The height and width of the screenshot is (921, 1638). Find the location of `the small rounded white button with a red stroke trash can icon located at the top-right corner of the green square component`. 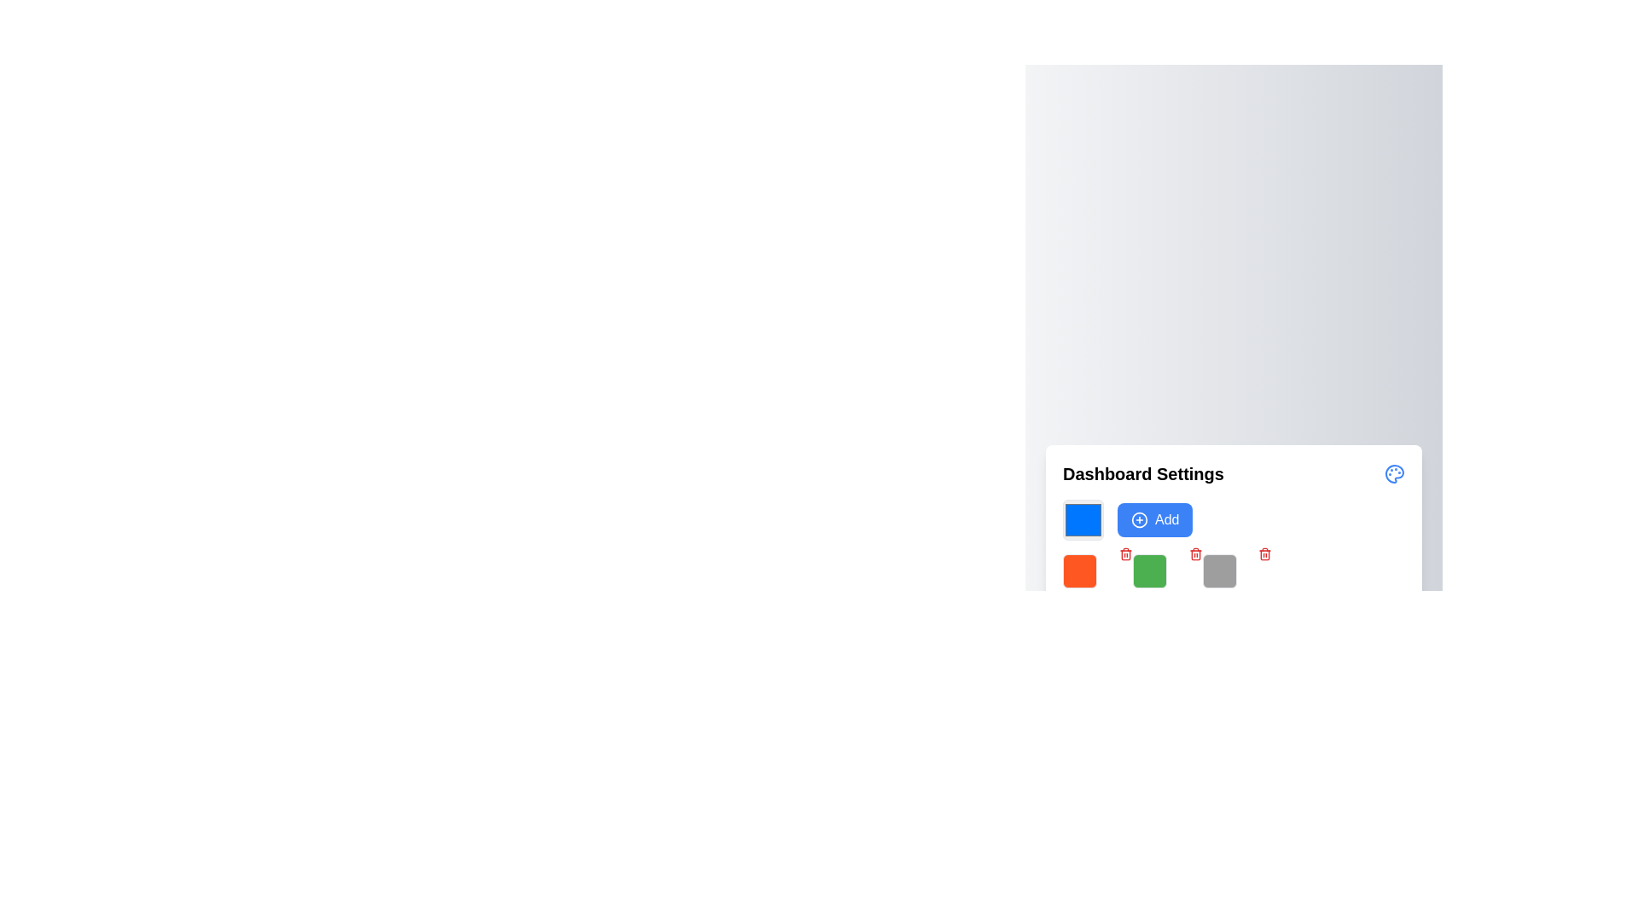

the small rounded white button with a red stroke trash can icon located at the top-right corner of the green square component is located at coordinates (1194, 554).